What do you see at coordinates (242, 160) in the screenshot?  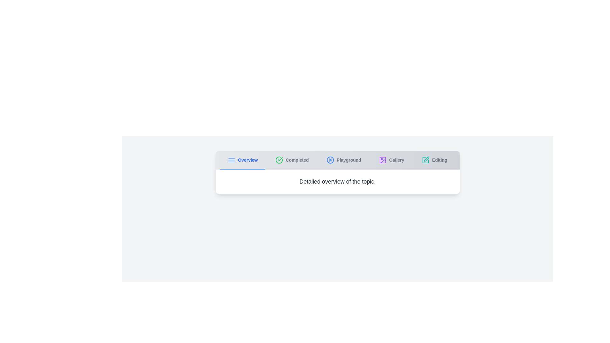 I see `the tab labeled Overview` at bounding box center [242, 160].